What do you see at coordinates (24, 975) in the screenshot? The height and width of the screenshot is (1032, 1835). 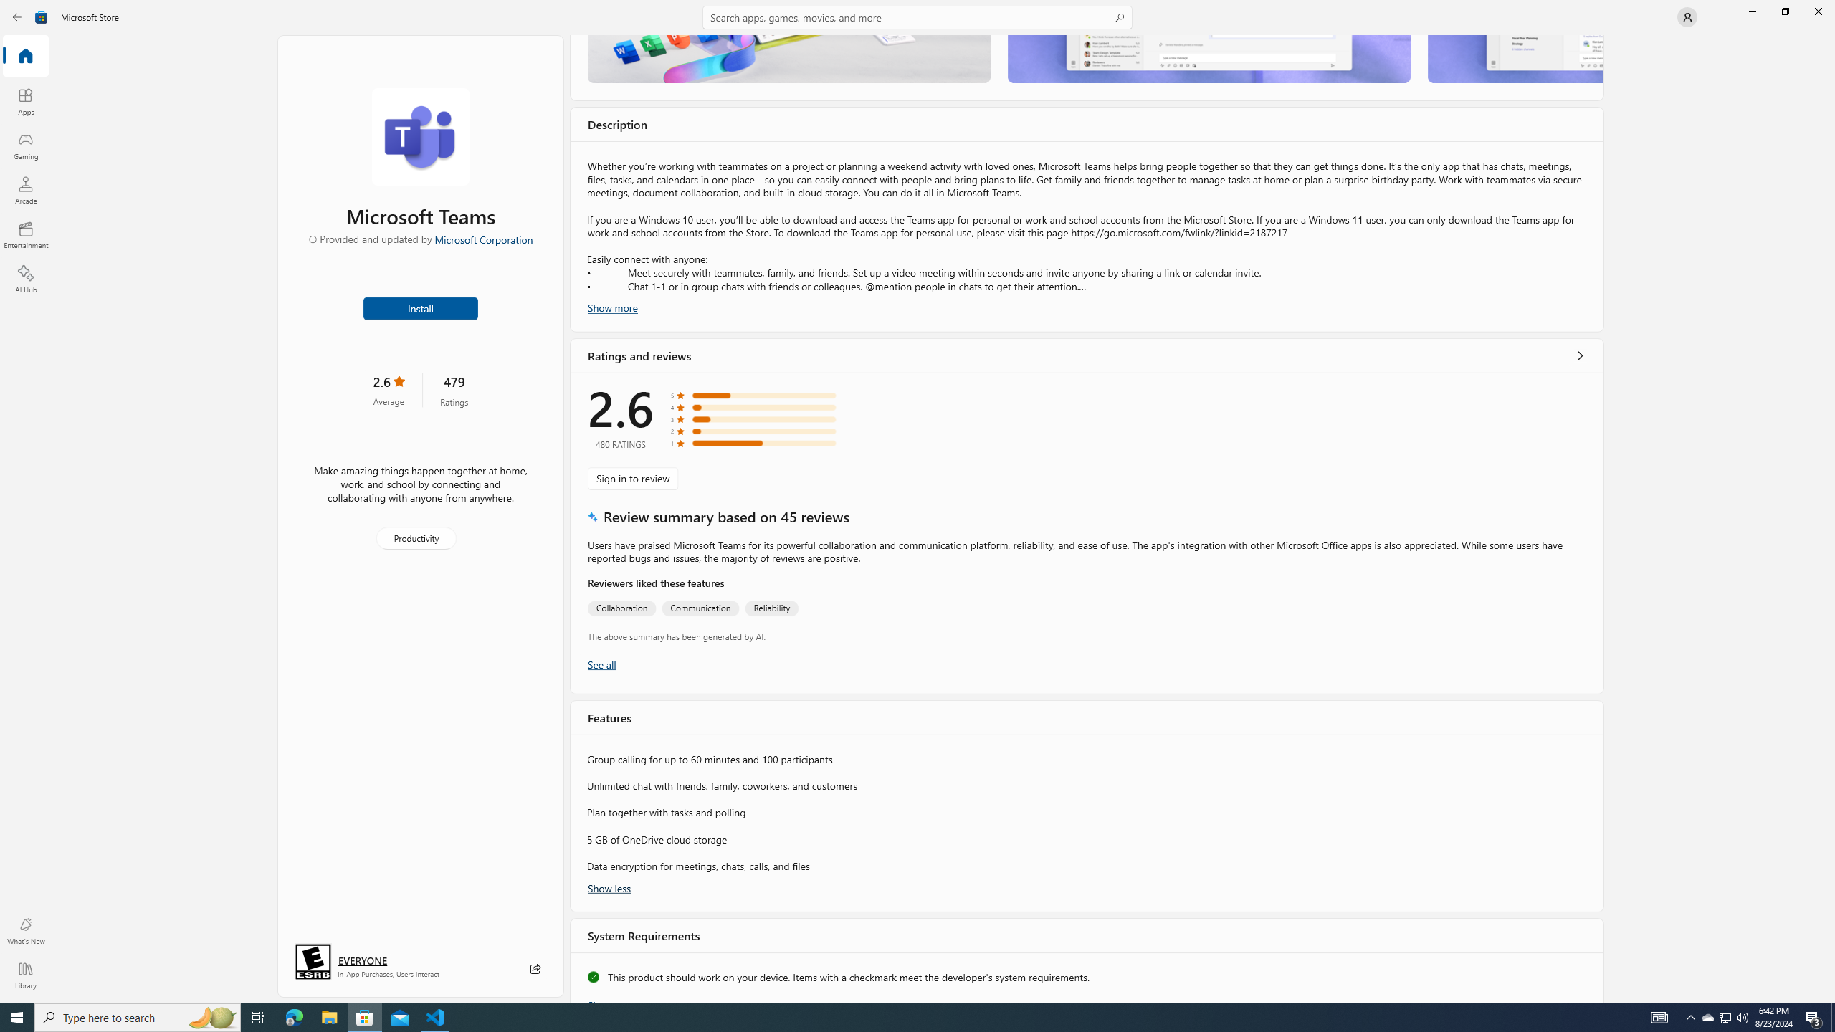 I see `'Library'` at bounding box center [24, 975].